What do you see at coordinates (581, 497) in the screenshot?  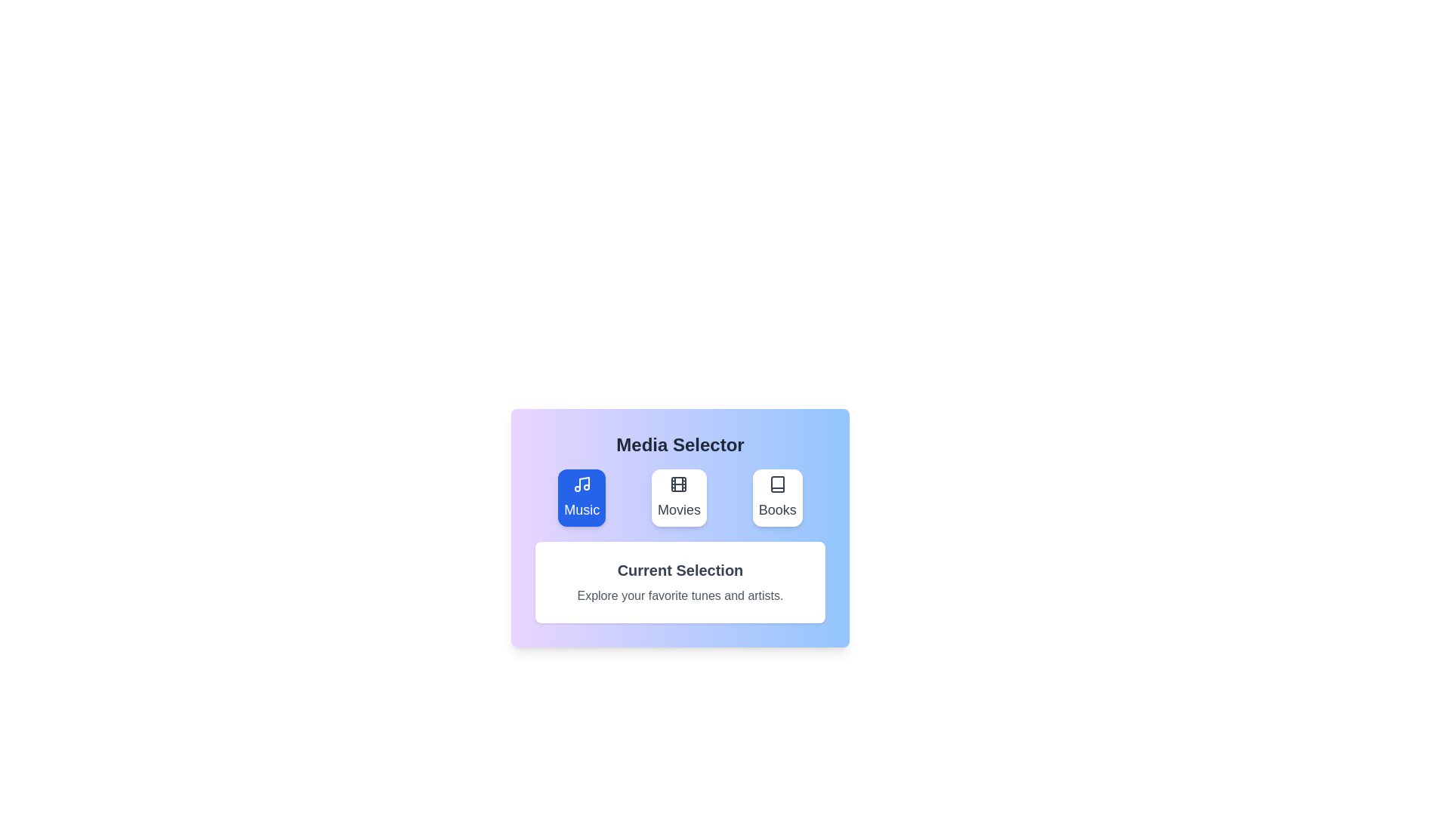 I see `the 'Music' category selector button to observe the hover effect` at bounding box center [581, 497].